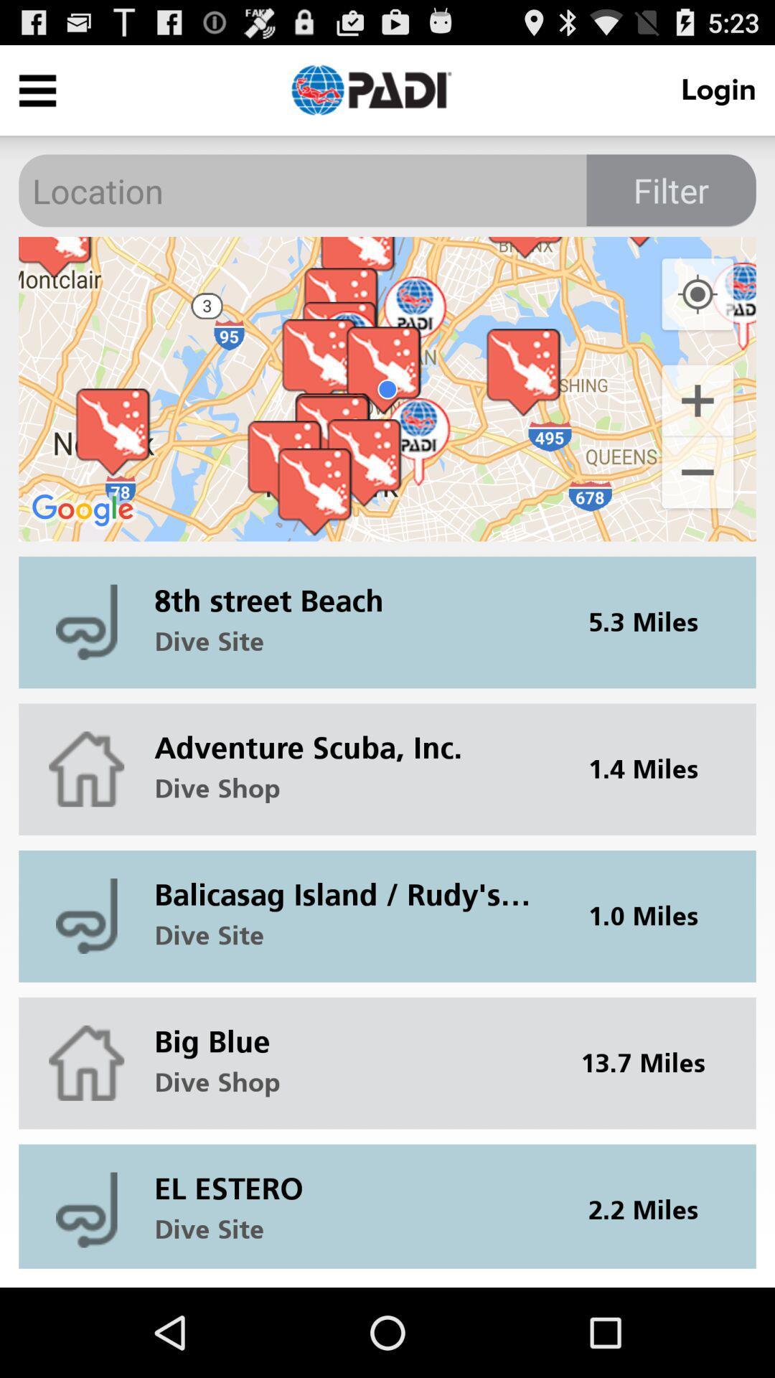 This screenshot has height=1378, width=775. Describe the element at coordinates (387, 189) in the screenshot. I see `search location` at that location.